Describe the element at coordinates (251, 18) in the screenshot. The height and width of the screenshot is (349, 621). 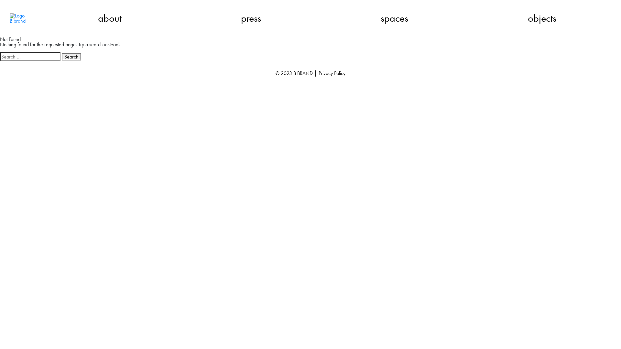
I see `'press'` at that location.